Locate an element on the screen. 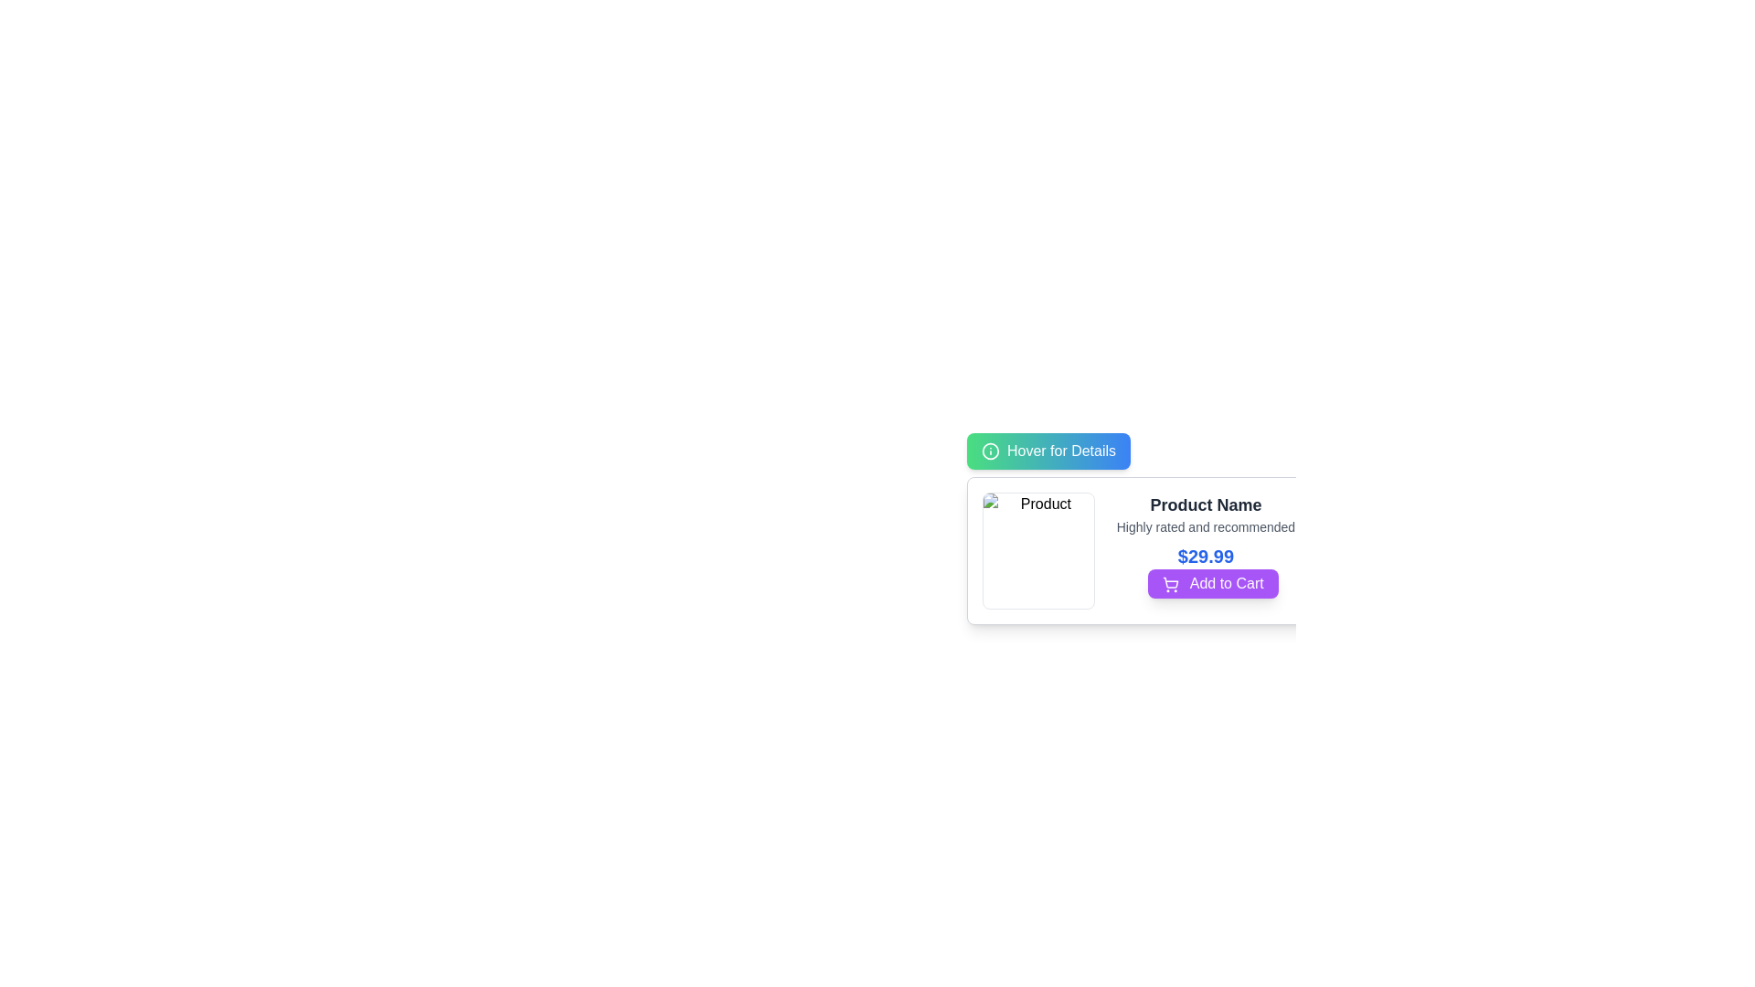 The height and width of the screenshot is (987, 1755). the 'Add to Cart' button with the price label '$29.99' to trigger the hover effect is located at coordinates (1206, 569).